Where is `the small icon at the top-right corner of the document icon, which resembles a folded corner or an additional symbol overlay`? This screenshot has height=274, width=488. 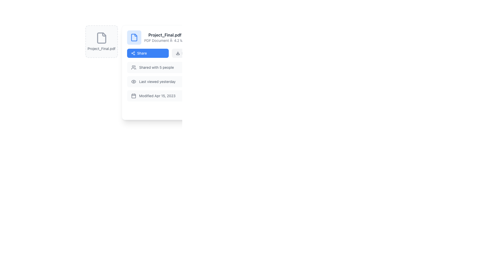 the small icon at the top-right corner of the document icon, which resembles a folded corner or an additional symbol overlay is located at coordinates (104, 34).